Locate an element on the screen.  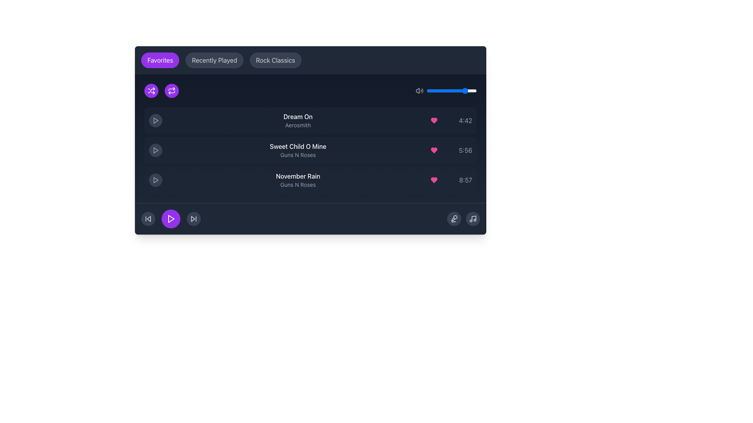
the play button located in the bottom center of the interface, positioned between the rewind and fast-forward buttons, to initiate music or media playback is located at coordinates (171, 219).